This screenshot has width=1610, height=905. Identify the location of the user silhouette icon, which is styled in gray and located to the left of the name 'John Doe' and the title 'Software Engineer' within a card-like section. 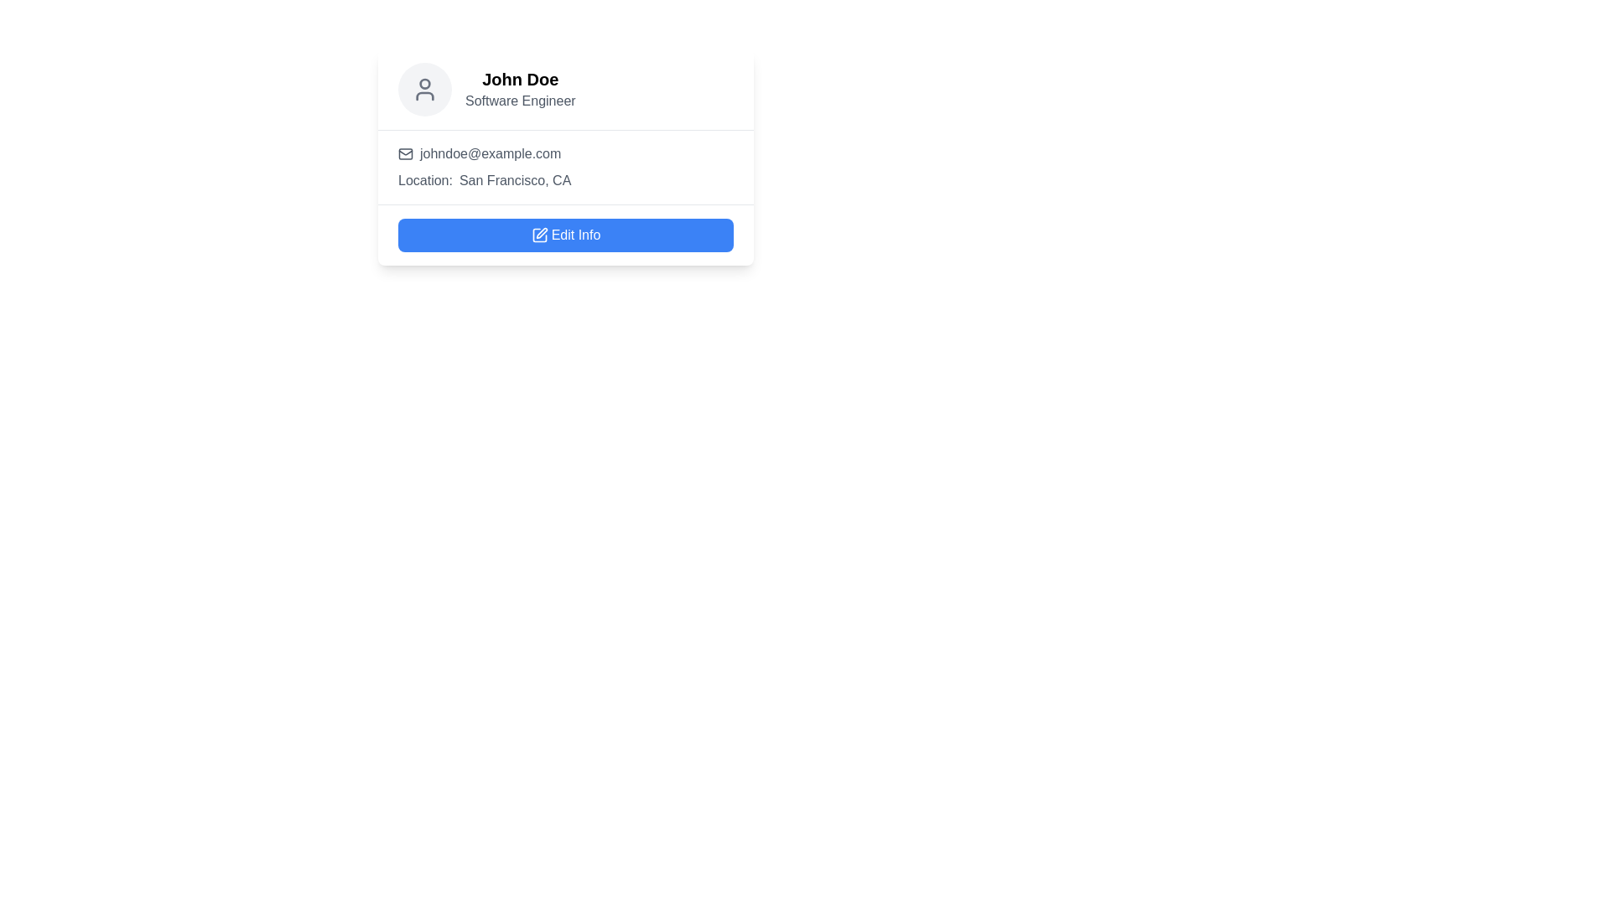
(425, 90).